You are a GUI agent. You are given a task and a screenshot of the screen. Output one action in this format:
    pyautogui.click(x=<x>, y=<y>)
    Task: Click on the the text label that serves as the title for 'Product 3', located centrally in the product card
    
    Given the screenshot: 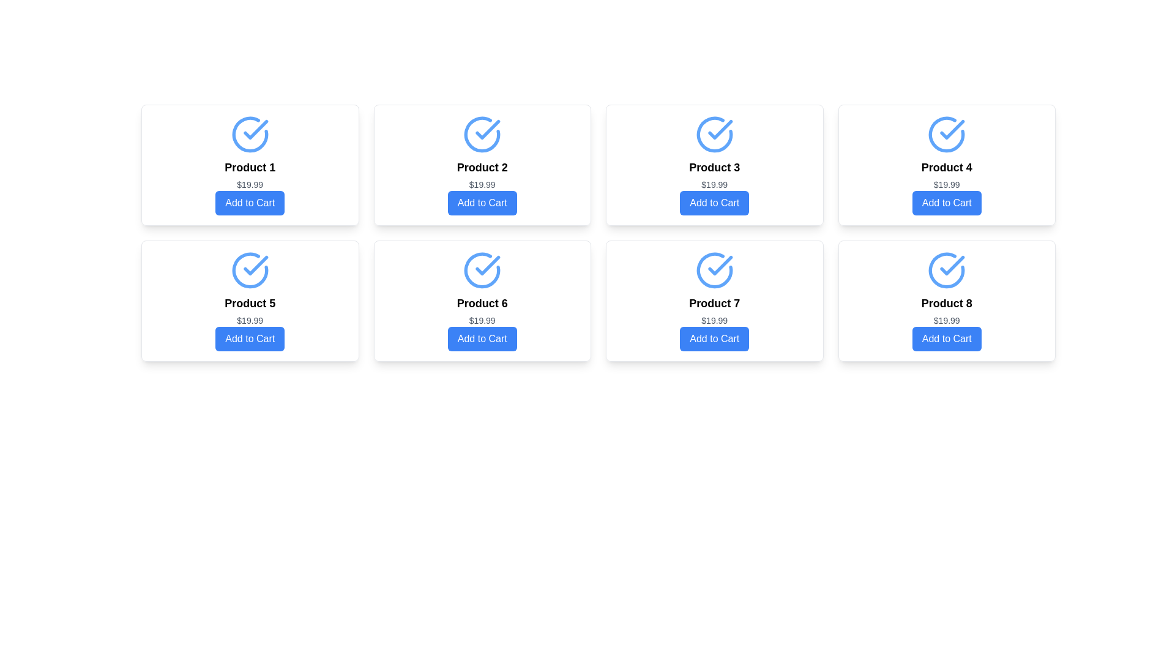 What is the action you would take?
    pyautogui.click(x=714, y=167)
    